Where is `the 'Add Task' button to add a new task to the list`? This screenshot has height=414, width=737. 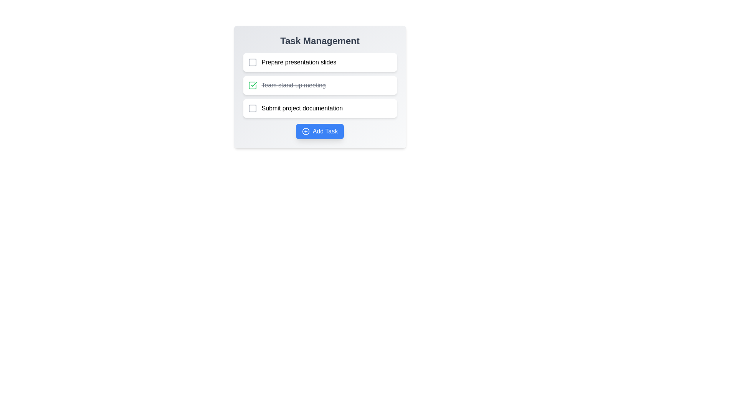 the 'Add Task' button to add a new task to the list is located at coordinates (320, 131).